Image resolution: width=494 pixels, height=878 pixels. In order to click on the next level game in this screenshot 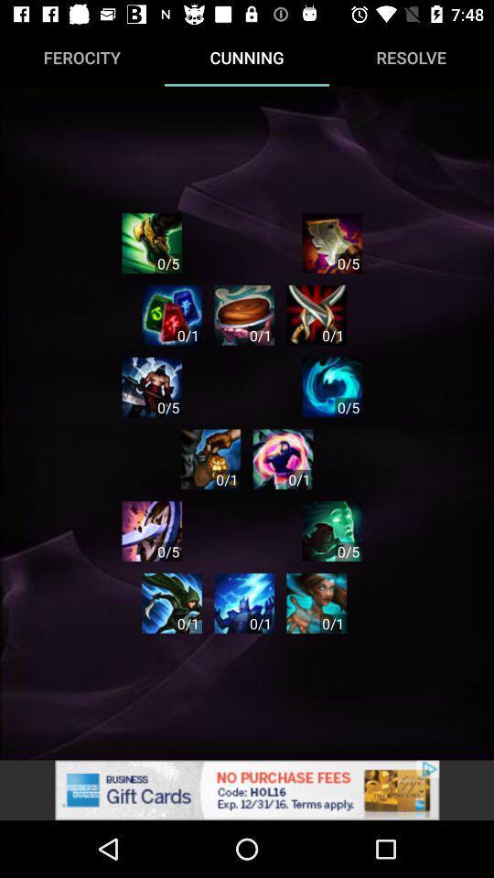, I will do `click(209, 458)`.